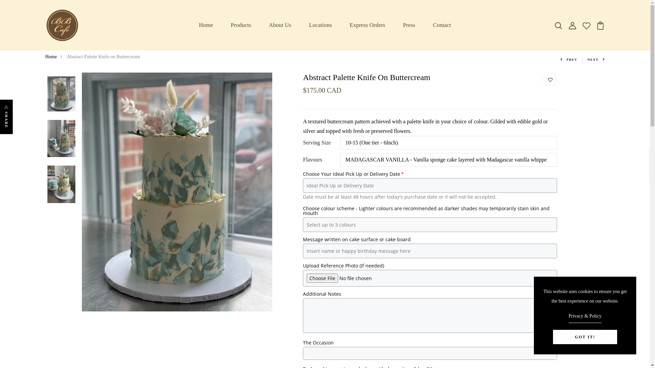 This screenshot has width=655, height=368. What do you see at coordinates (55, 56) in the screenshot?
I see `'Home'` at bounding box center [55, 56].